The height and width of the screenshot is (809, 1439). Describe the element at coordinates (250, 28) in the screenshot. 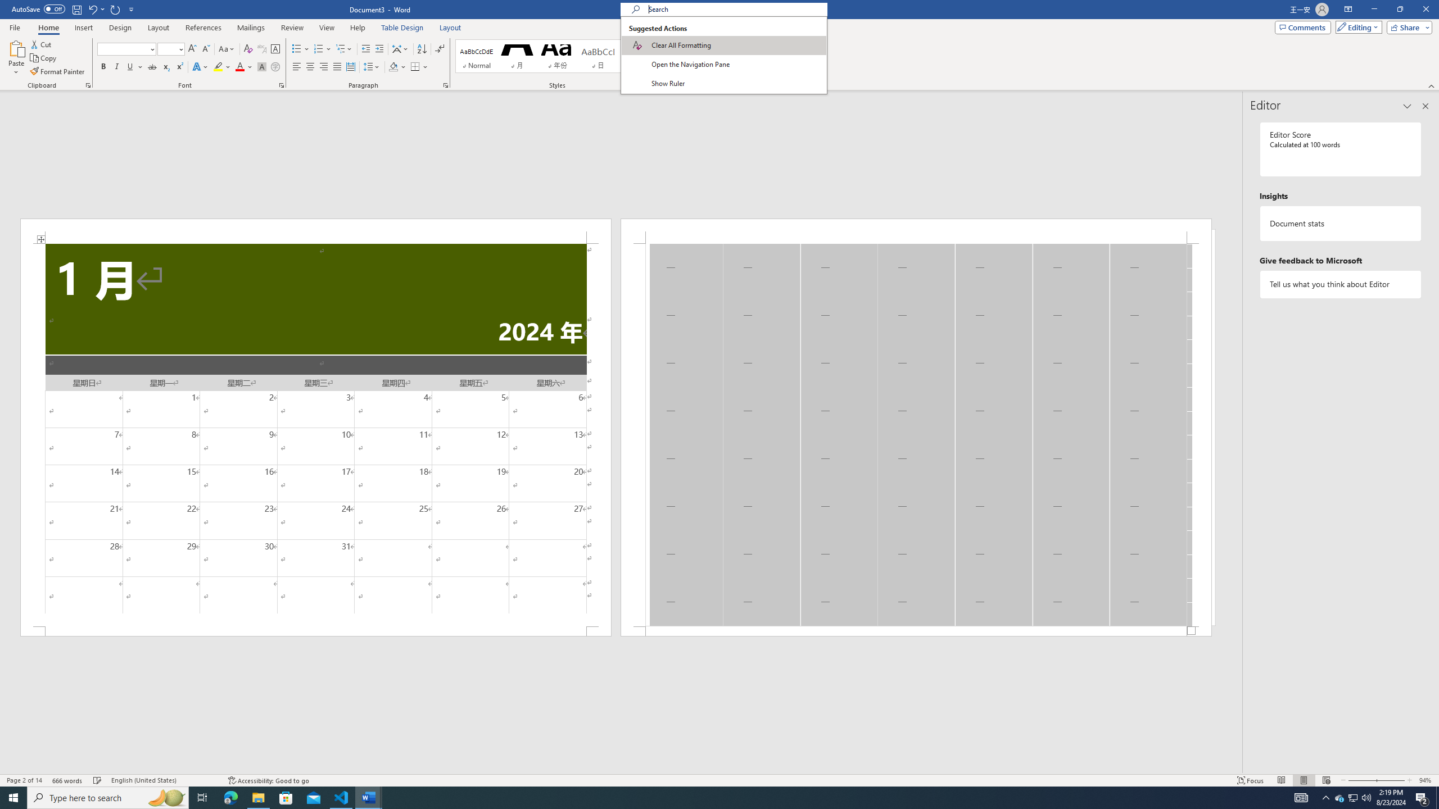

I see `'Mailings'` at that location.